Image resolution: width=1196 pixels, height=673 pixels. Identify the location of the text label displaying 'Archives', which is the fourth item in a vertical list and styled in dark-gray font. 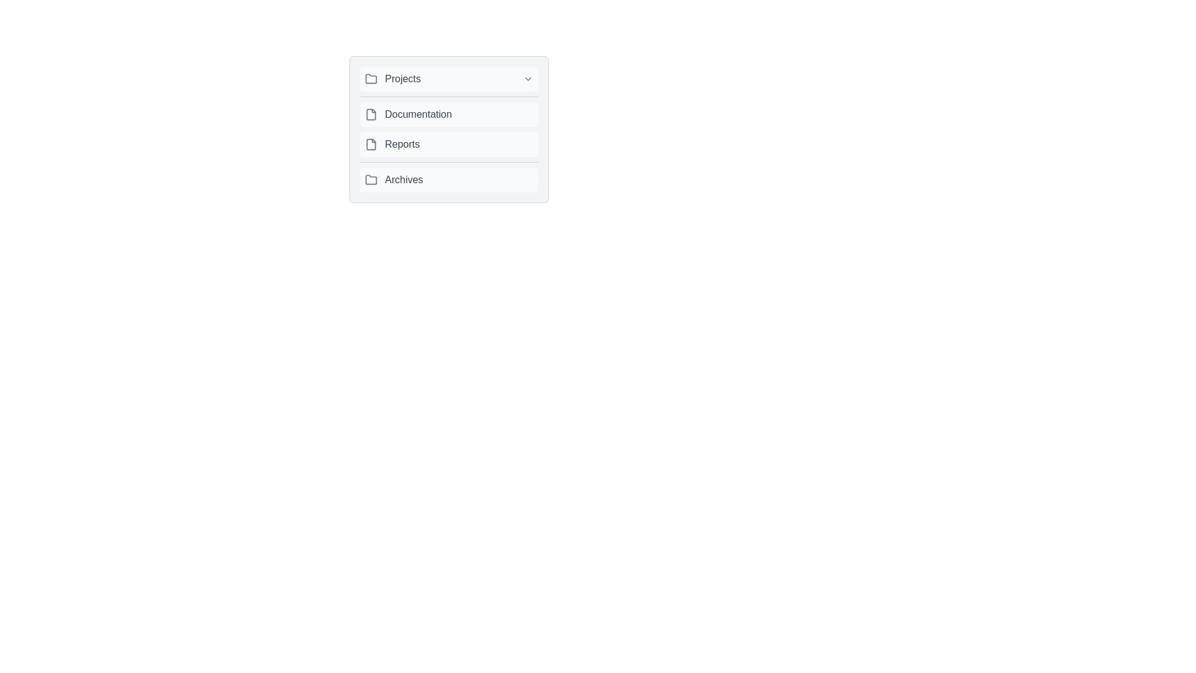
(404, 180).